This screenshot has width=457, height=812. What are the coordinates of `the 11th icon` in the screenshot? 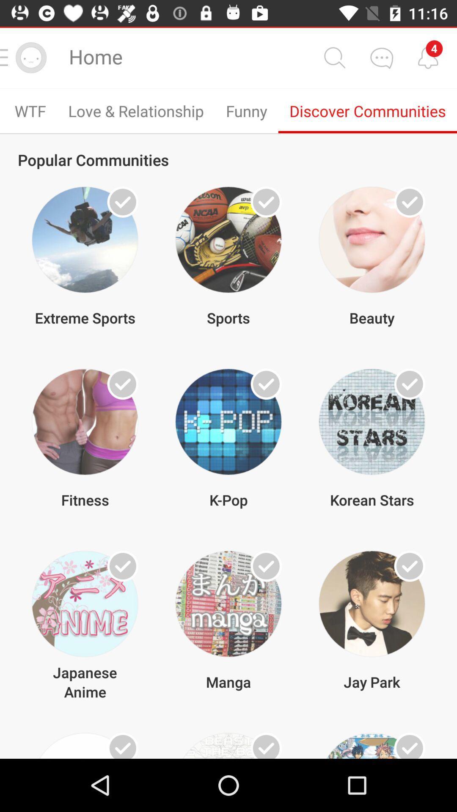 It's located at (228, 746).